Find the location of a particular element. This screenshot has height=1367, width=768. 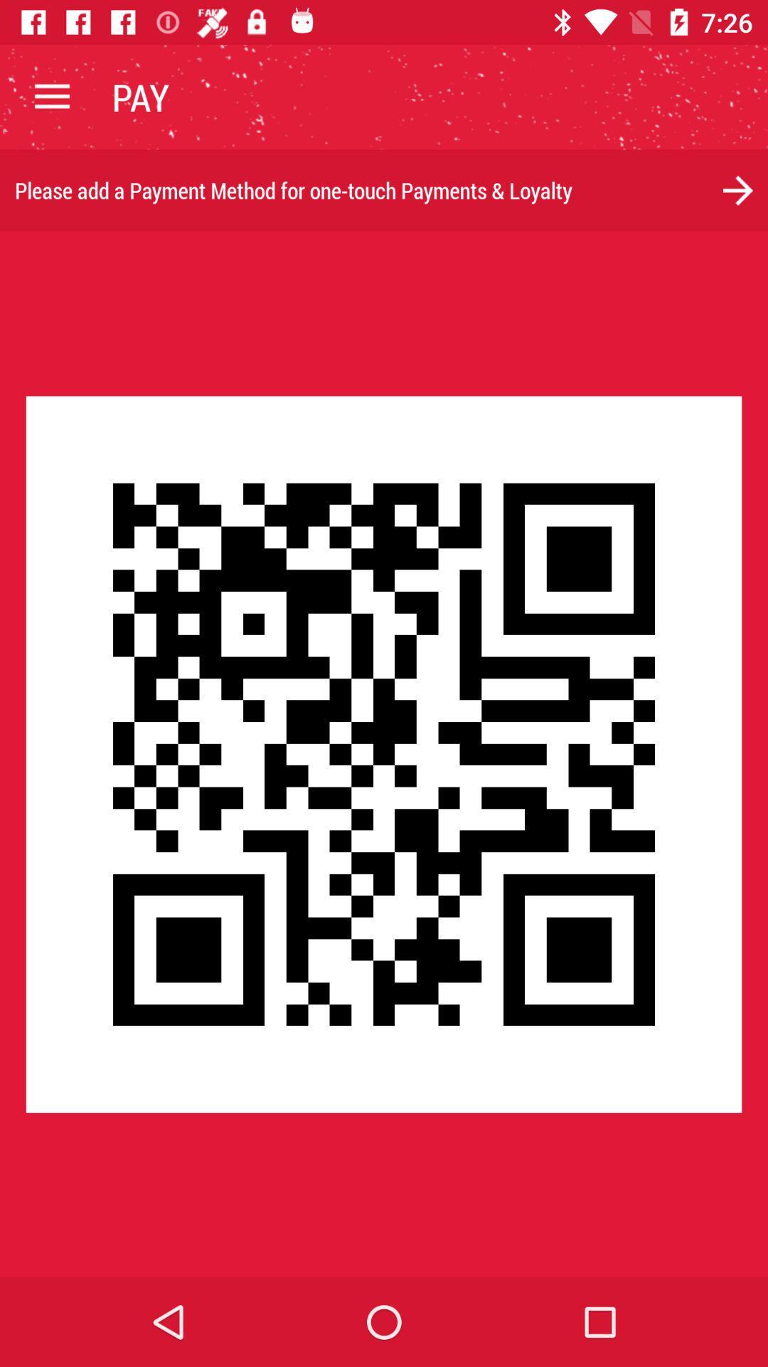

the item next to pay item is located at coordinates (51, 96).